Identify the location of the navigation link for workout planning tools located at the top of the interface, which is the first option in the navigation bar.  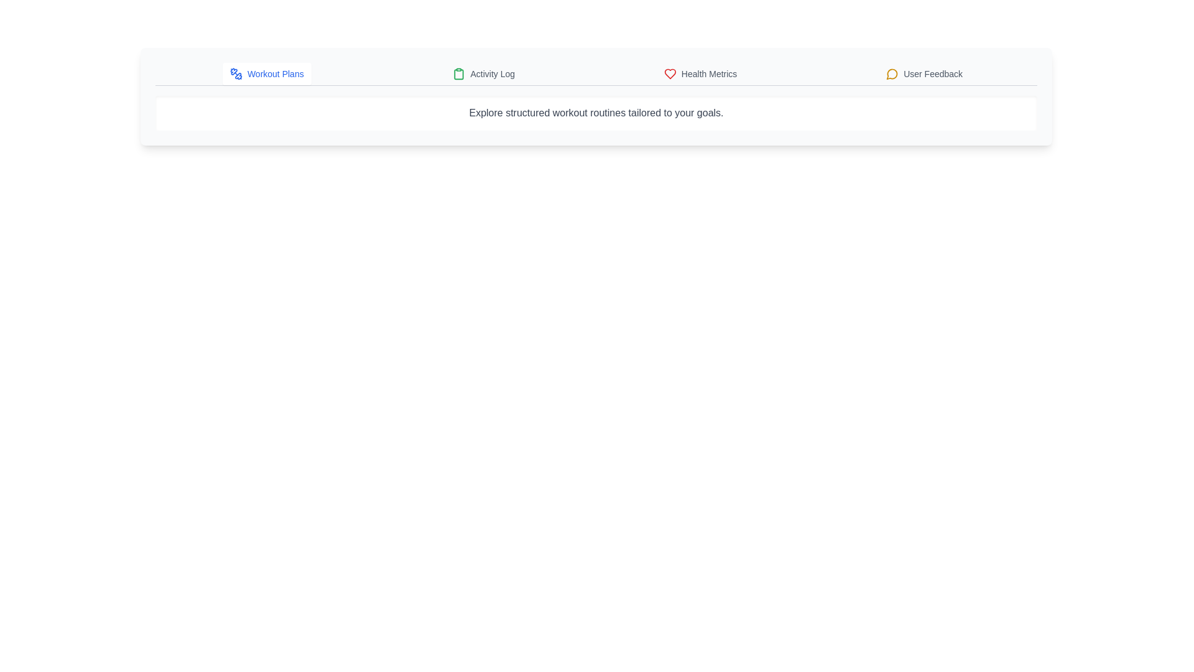
(275, 74).